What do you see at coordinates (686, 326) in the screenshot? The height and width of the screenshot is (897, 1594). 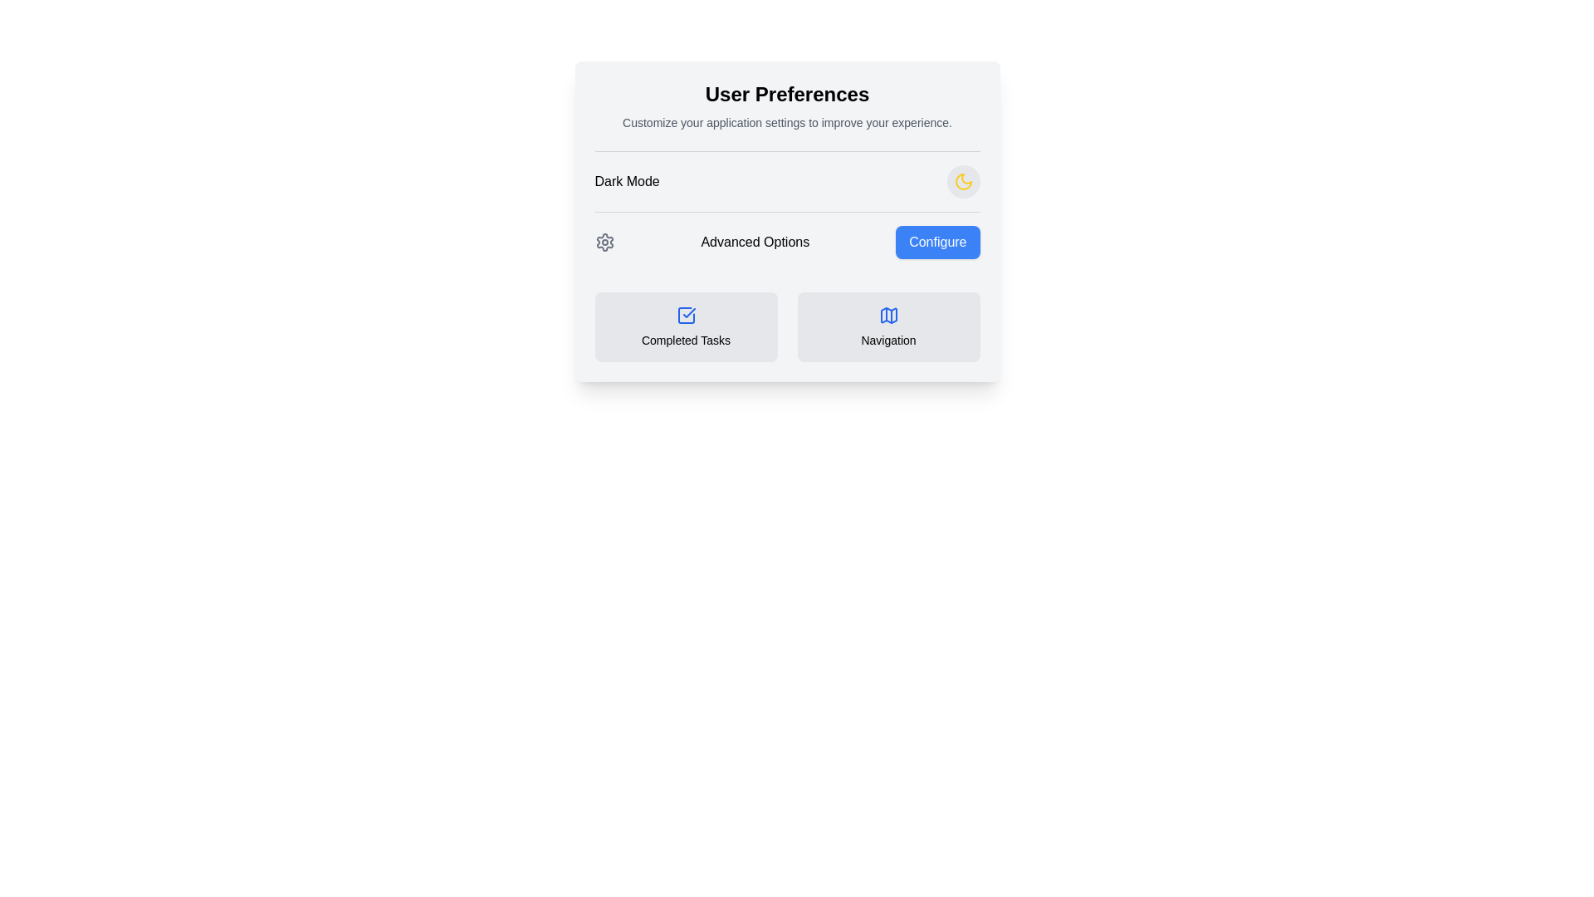 I see `the contents of the Card widget element labeled 'Completed Tasks', which features a blue checkmark icon and is located within the 'User Preferences' card` at bounding box center [686, 326].